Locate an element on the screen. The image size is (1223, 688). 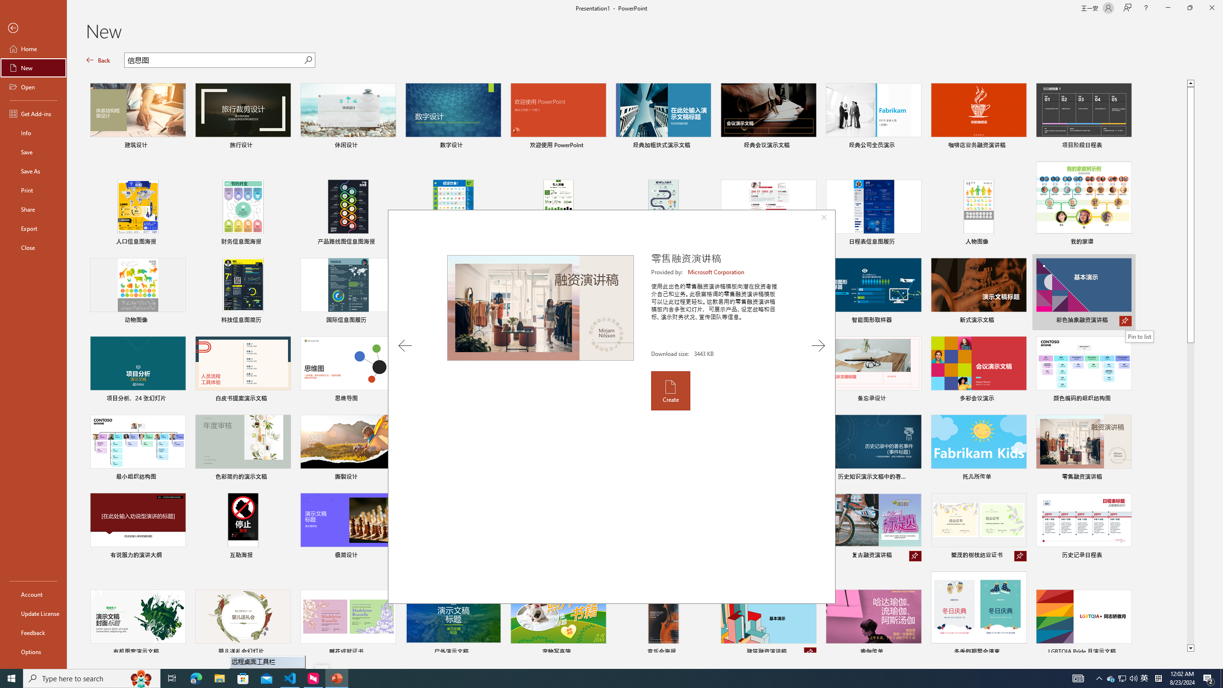
'Next Template' is located at coordinates (818, 345).